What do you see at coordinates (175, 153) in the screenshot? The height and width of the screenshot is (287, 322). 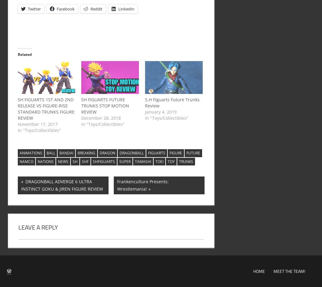 I see `'figure'` at bounding box center [175, 153].